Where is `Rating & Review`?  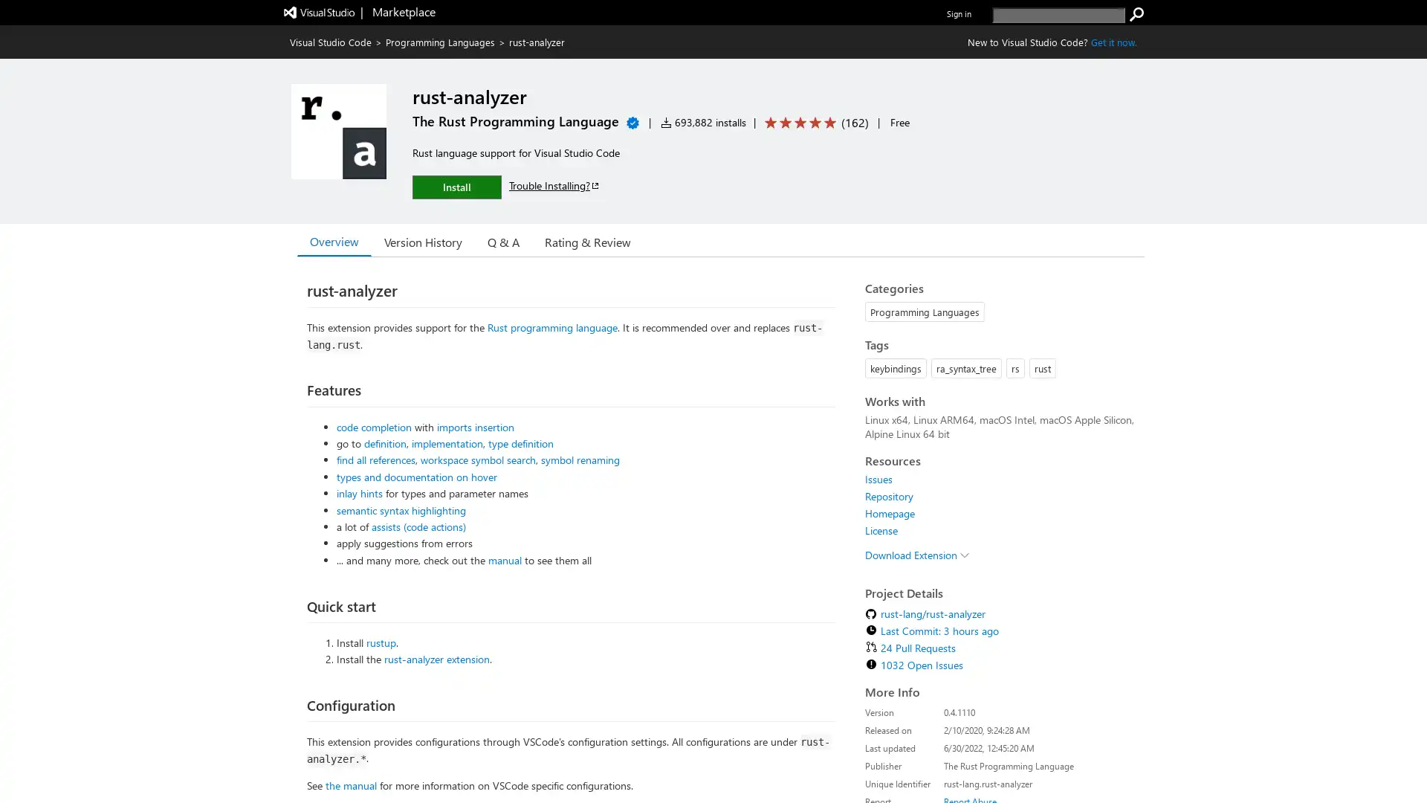
Rating & Review is located at coordinates (587, 240).